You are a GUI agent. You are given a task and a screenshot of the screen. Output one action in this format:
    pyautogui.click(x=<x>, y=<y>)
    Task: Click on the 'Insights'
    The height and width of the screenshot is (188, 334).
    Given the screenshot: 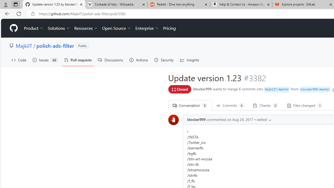 What is the action you would take?
    pyautogui.click(x=189, y=60)
    